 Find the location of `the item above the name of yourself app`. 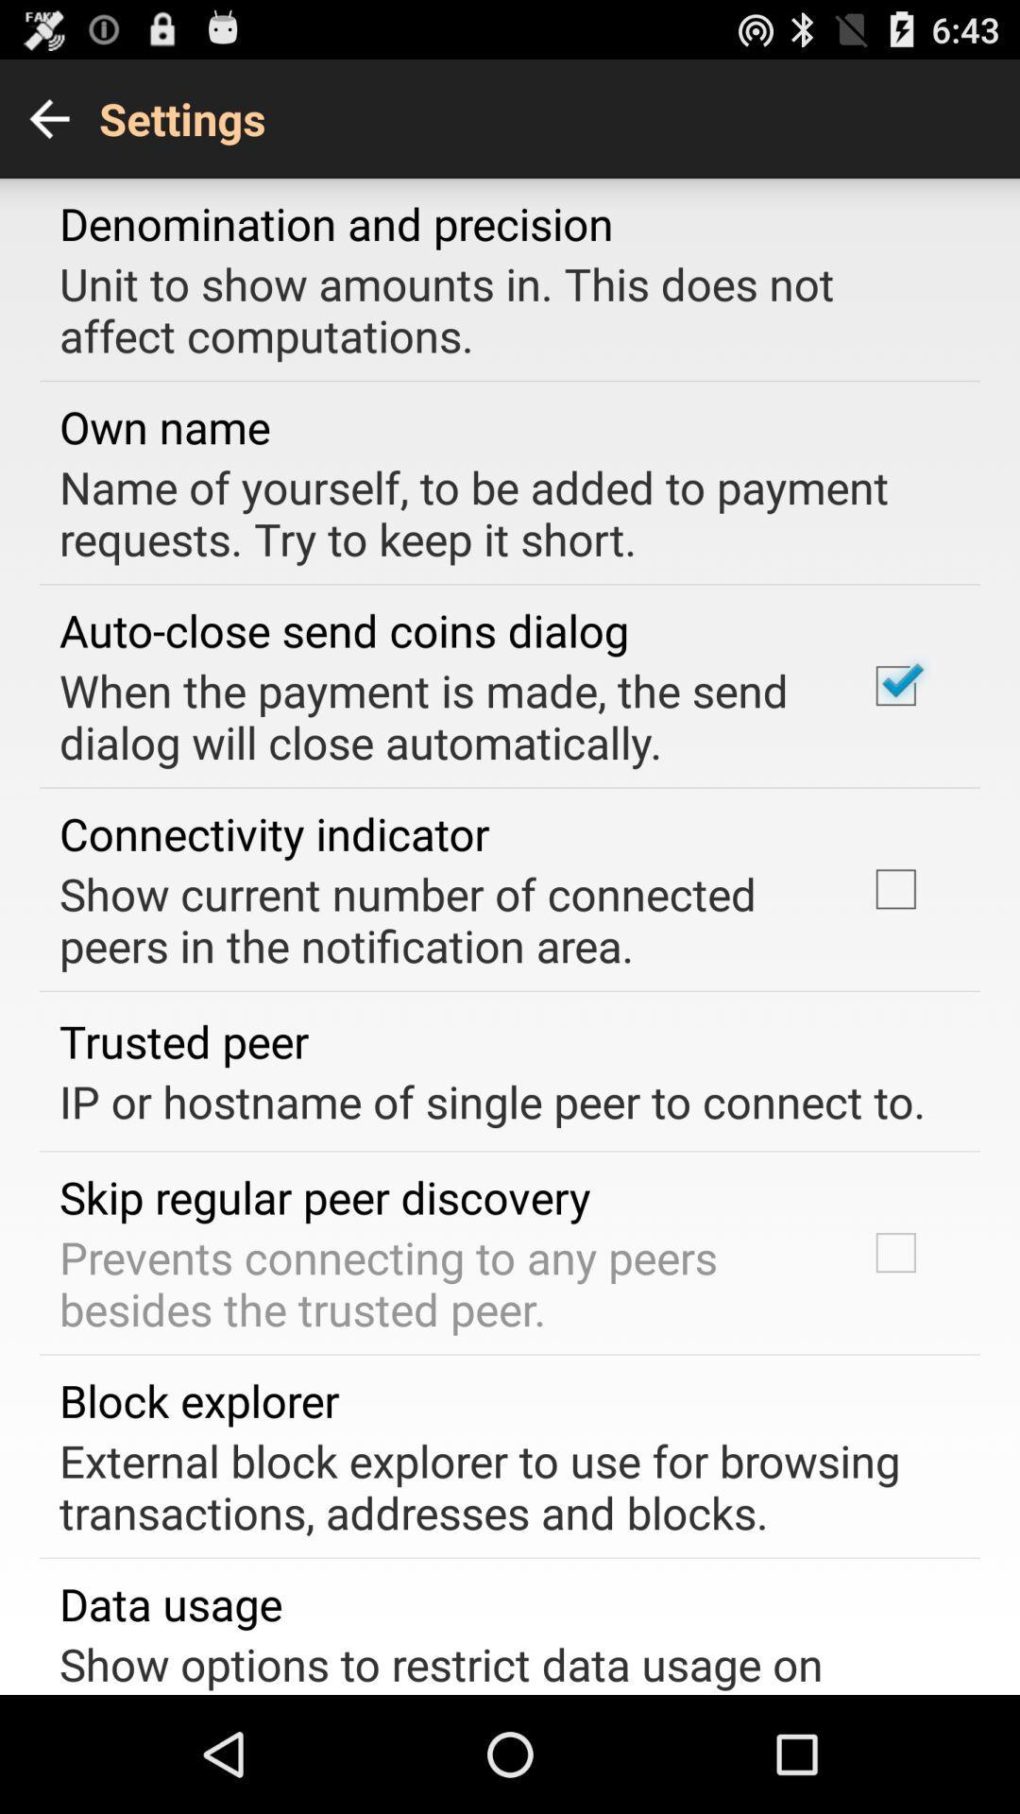

the item above the name of yourself app is located at coordinates (163, 425).